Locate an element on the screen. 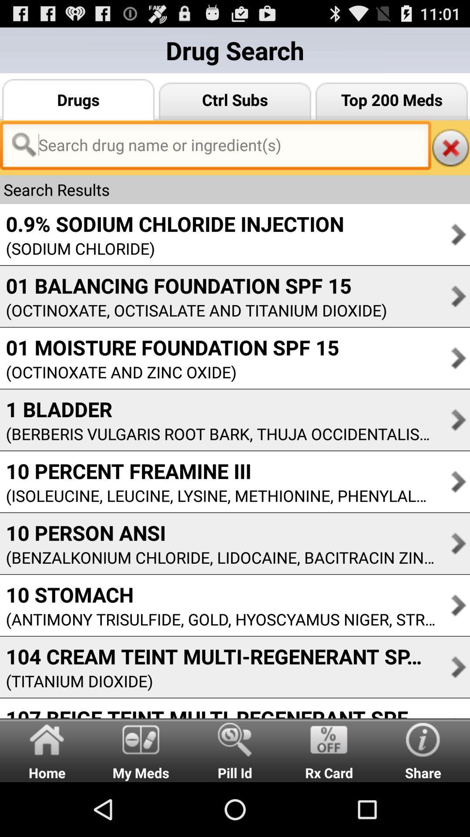 The width and height of the screenshot is (470, 837). the close icon is located at coordinates (450, 158).